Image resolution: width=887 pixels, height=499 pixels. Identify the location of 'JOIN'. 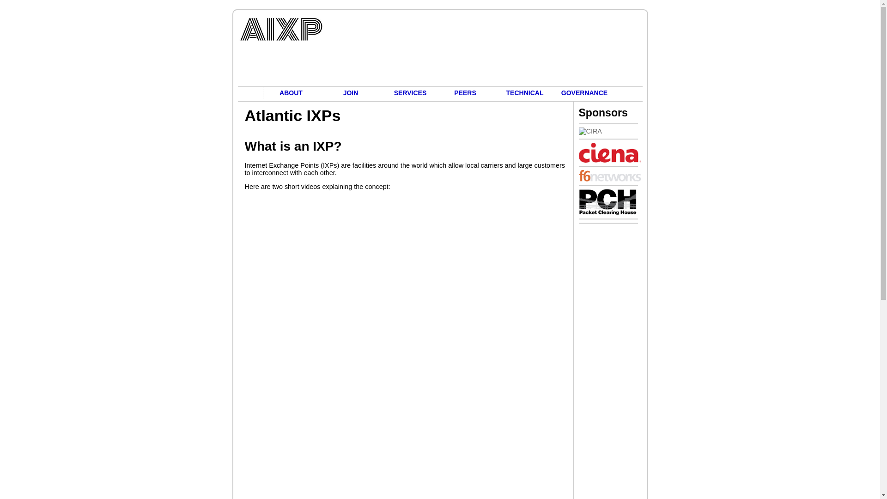
(352, 92).